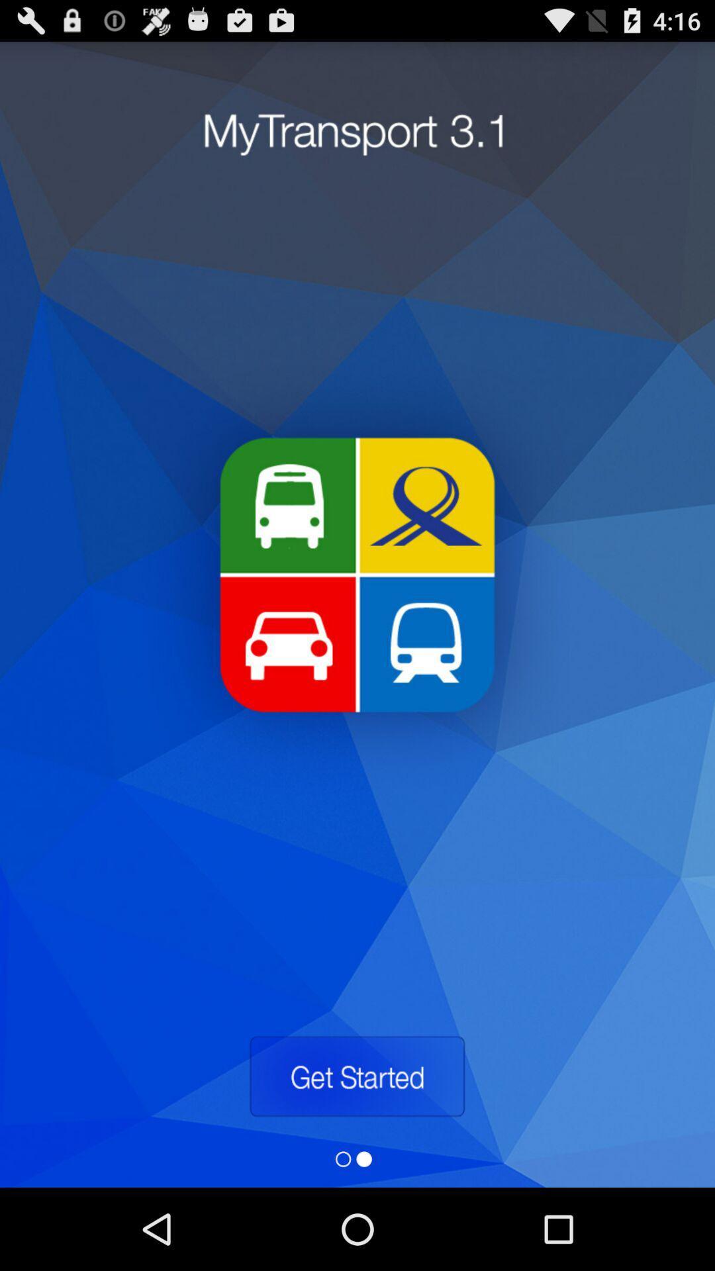  I want to click on get started, so click(356, 1076).